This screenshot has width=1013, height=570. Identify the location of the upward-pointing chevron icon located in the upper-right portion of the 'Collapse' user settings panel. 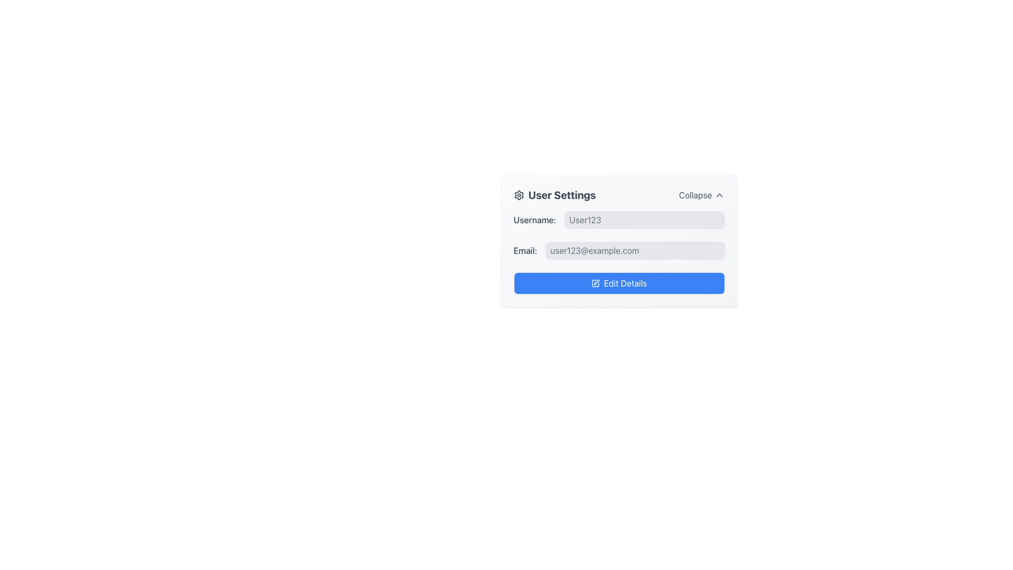
(719, 195).